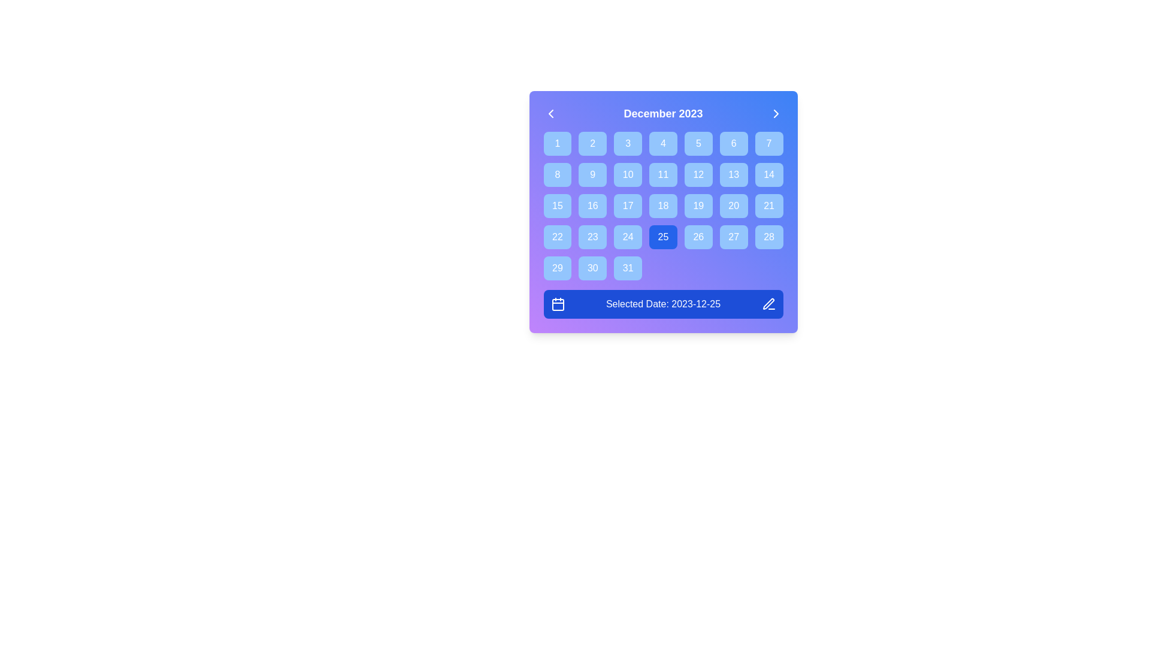  What do you see at coordinates (662, 205) in the screenshot?
I see `the button representing the day in the calendar grid located in the fourth row and fourth column` at bounding box center [662, 205].